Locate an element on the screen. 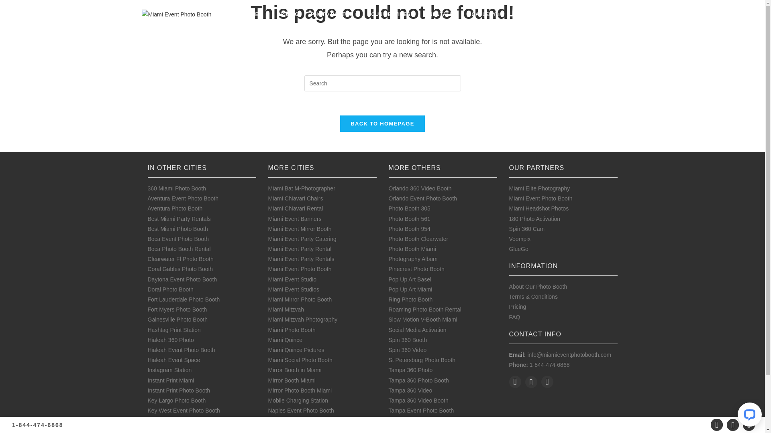 The height and width of the screenshot is (433, 771). 'Tampa Event Photo Booth' is located at coordinates (389, 410).